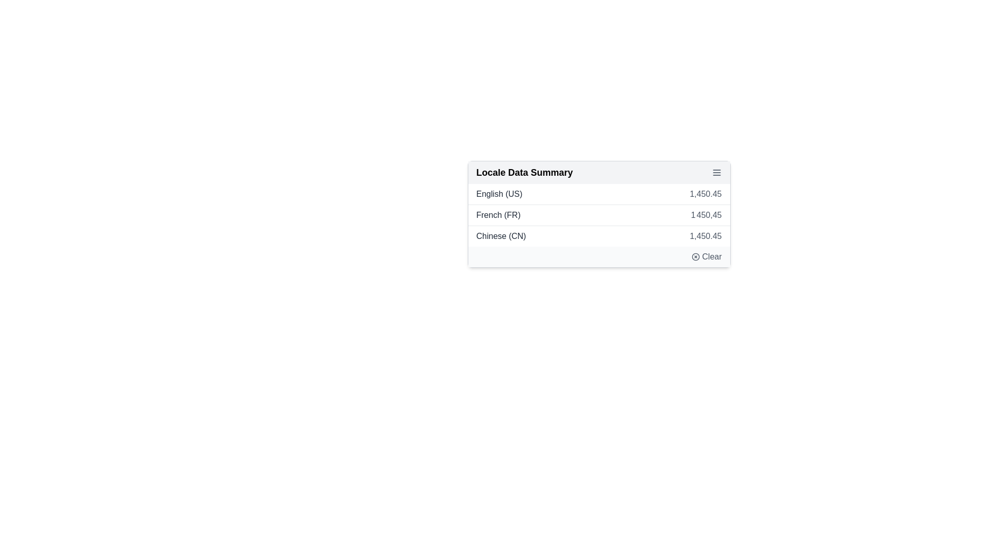 The image size is (986, 555). What do you see at coordinates (499, 194) in the screenshot?
I see `text label displaying 'English (US)' located in the first row of the list-like component, aligned to the left` at bounding box center [499, 194].